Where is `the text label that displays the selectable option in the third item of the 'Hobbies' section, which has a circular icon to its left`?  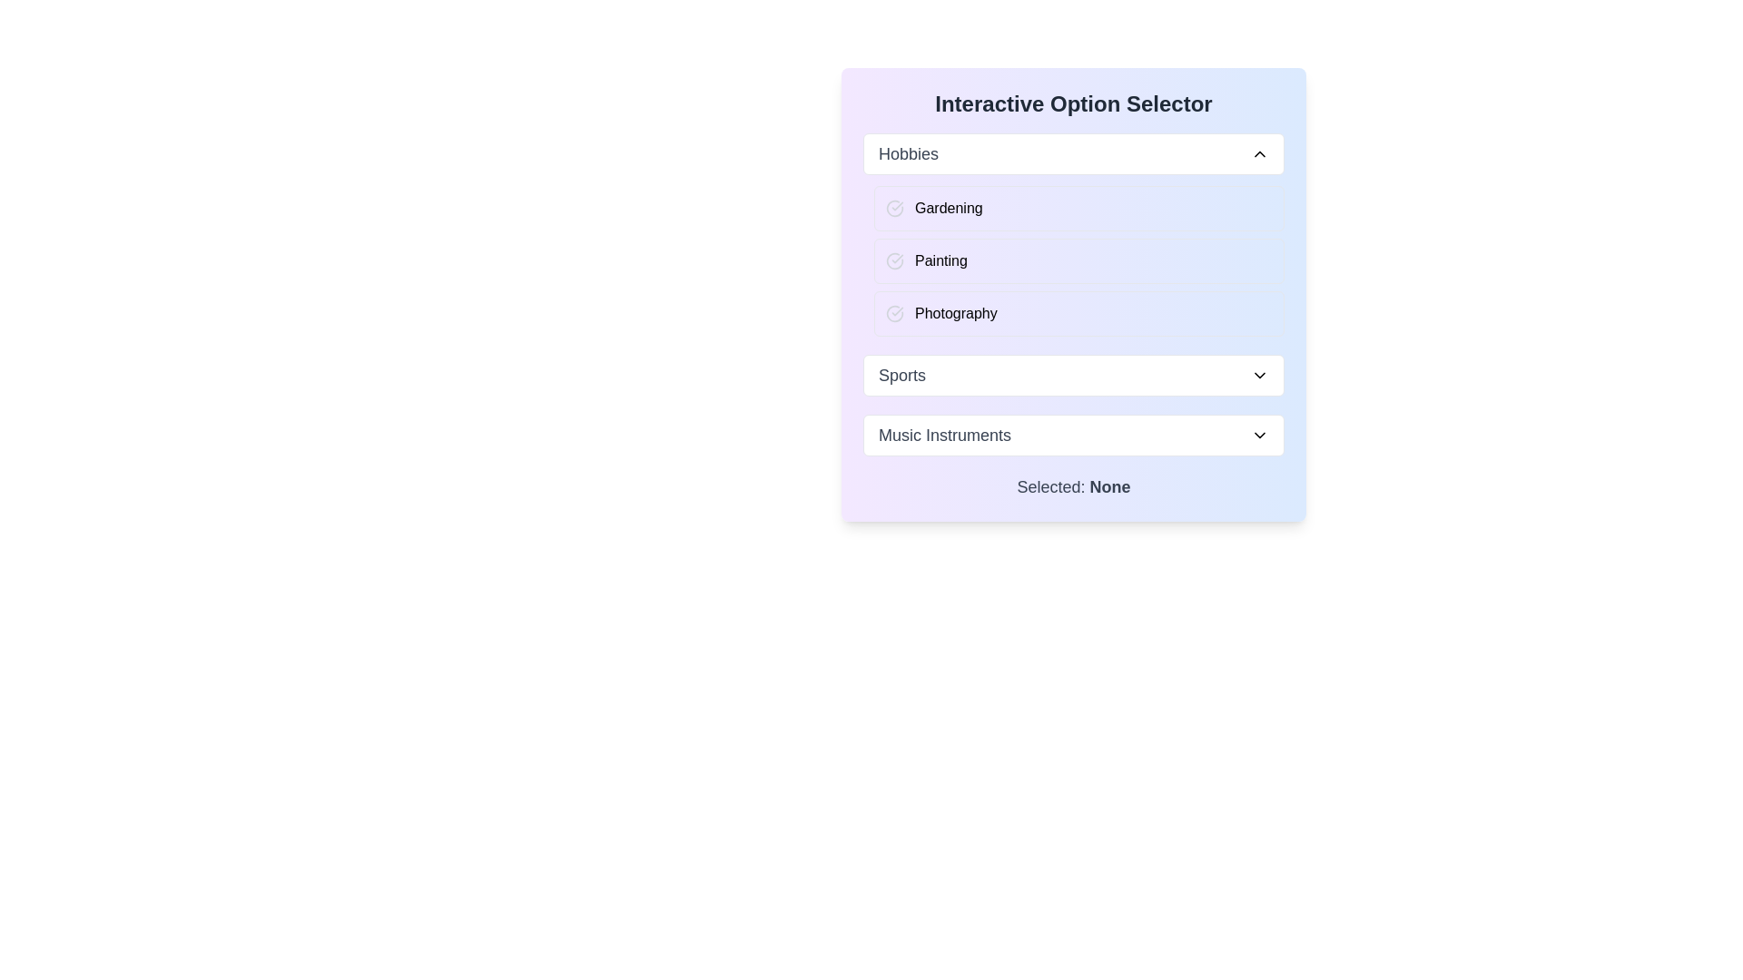 the text label that displays the selectable option in the third item of the 'Hobbies' section, which has a circular icon to its left is located at coordinates (955, 313).